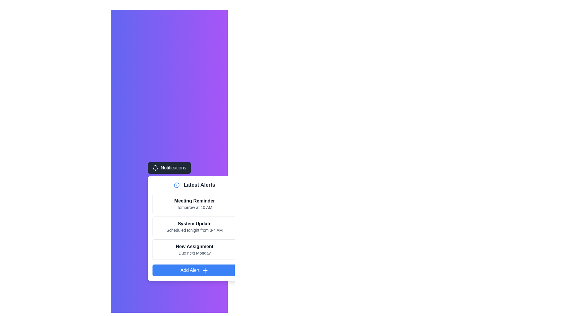 This screenshot has width=562, height=316. What do you see at coordinates (194, 185) in the screenshot?
I see `the icon of the Text header in the notifications section` at bounding box center [194, 185].